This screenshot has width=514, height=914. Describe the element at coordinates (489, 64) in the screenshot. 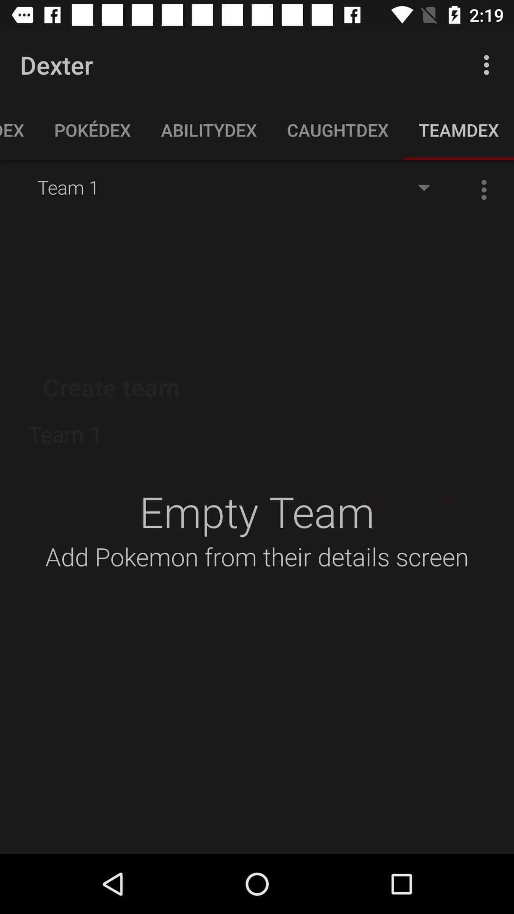

I see `app next to the dexter icon` at that location.